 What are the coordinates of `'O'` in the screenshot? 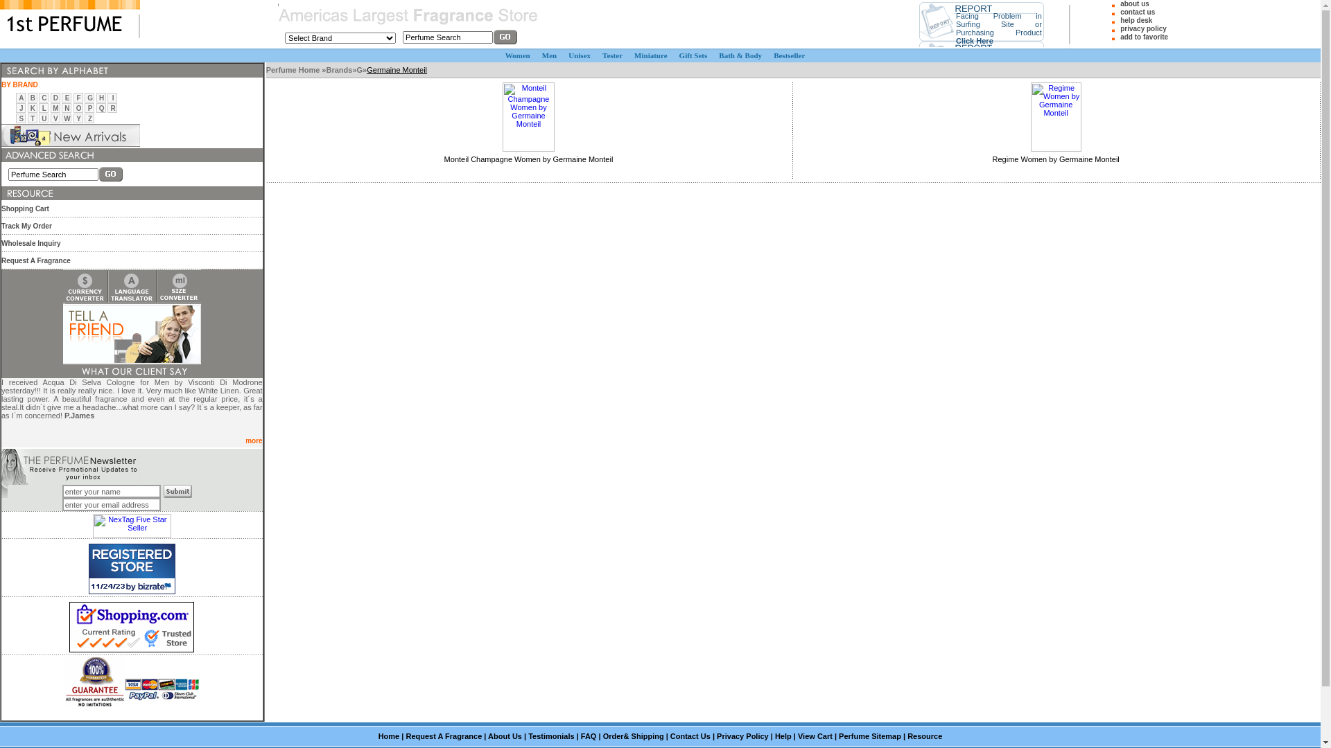 It's located at (78, 107).